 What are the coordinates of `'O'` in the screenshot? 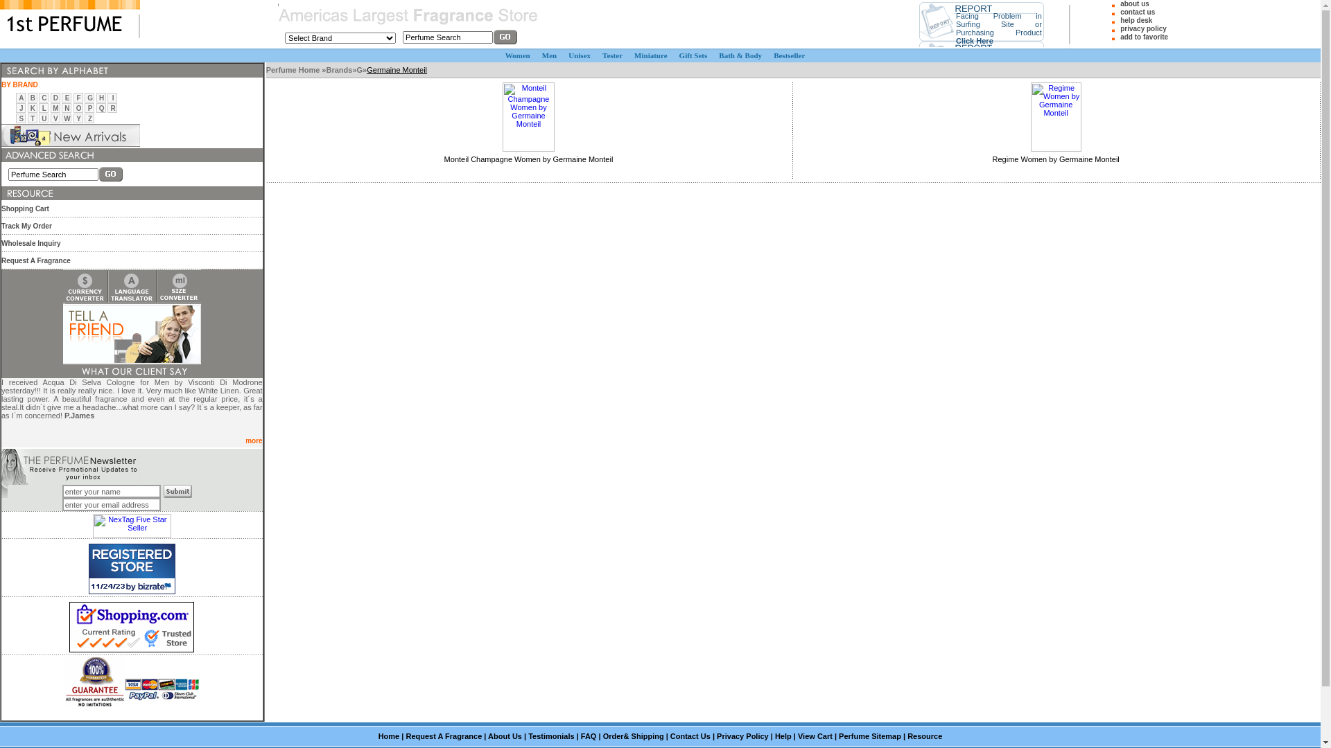 It's located at (78, 107).